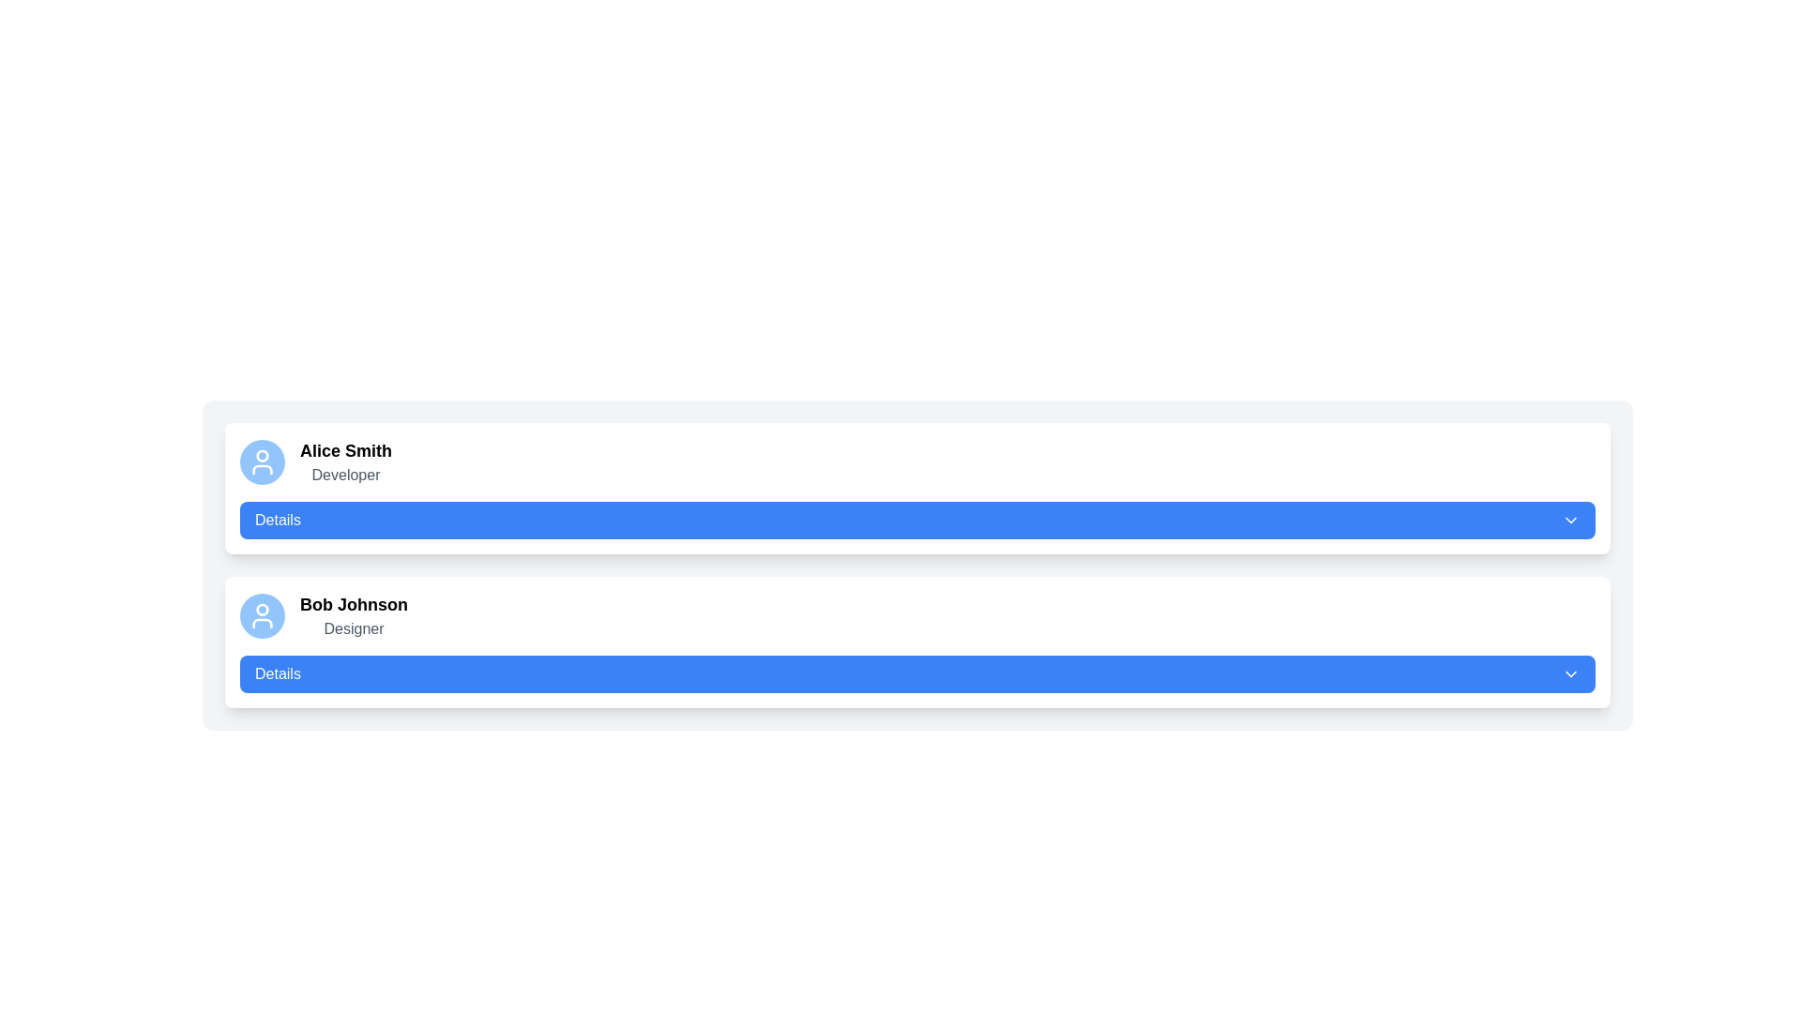 This screenshot has height=1013, width=1801. Describe the element at coordinates (261, 469) in the screenshot. I see `the lower part of the user icon shape, which represents the torso in user profile icons, positioned beneath the head and to the left of the user details` at that location.